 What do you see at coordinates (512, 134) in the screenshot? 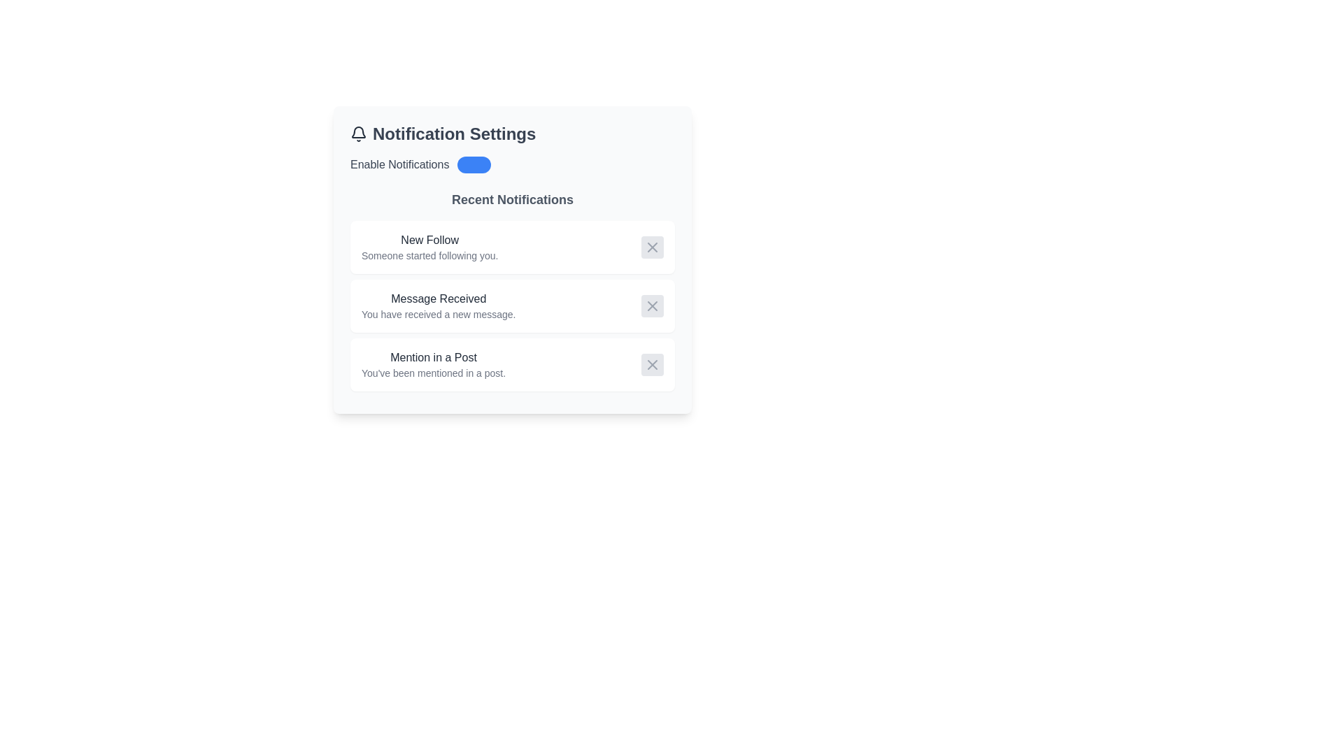
I see `the 'Notification Settings' heading with a bell icon, which is styled in bold, large dark gray font and located at the top of a card-like section` at bounding box center [512, 134].